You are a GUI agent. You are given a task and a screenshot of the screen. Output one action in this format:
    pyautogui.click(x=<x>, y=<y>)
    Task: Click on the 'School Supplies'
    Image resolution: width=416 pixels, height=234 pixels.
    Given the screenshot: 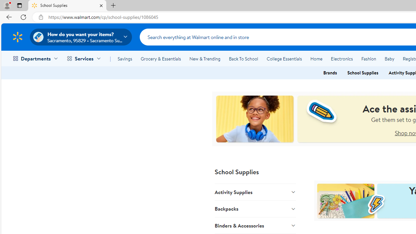 What is the action you would take?
    pyautogui.click(x=362, y=73)
    